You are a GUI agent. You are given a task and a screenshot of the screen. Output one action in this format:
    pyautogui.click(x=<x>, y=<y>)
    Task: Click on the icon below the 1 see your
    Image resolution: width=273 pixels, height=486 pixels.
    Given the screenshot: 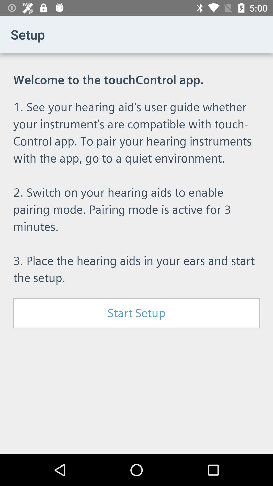 What is the action you would take?
    pyautogui.click(x=136, y=313)
    